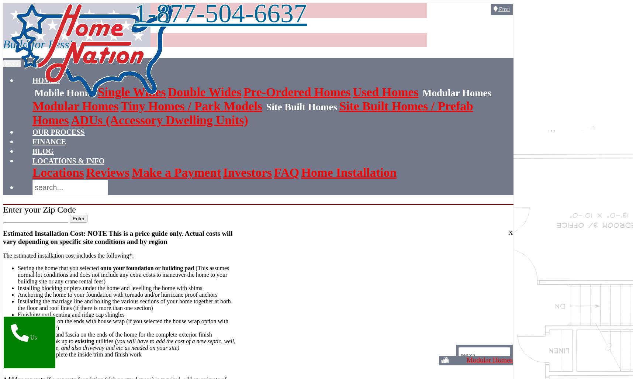 The image size is (633, 379). Describe the element at coordinates (123, 274) in the screenshot. I see `'(This assumes normal lot conditions and does not include any extra costs to maneuver the home to your building site or any crane rental fees)'` at that location.